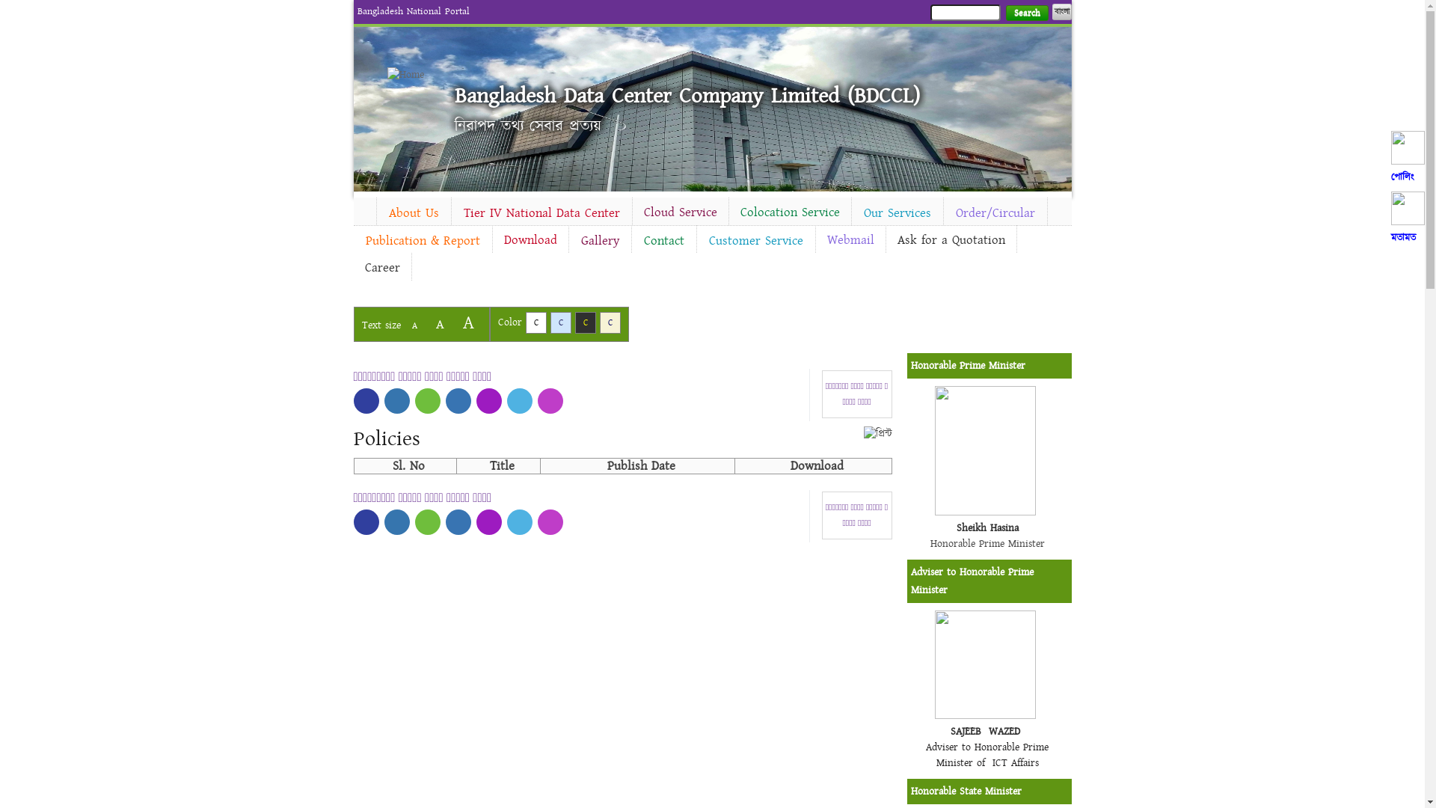  Describe the element at coordinates (413, 75) in the screenshot. I see `'Home'` at that location.